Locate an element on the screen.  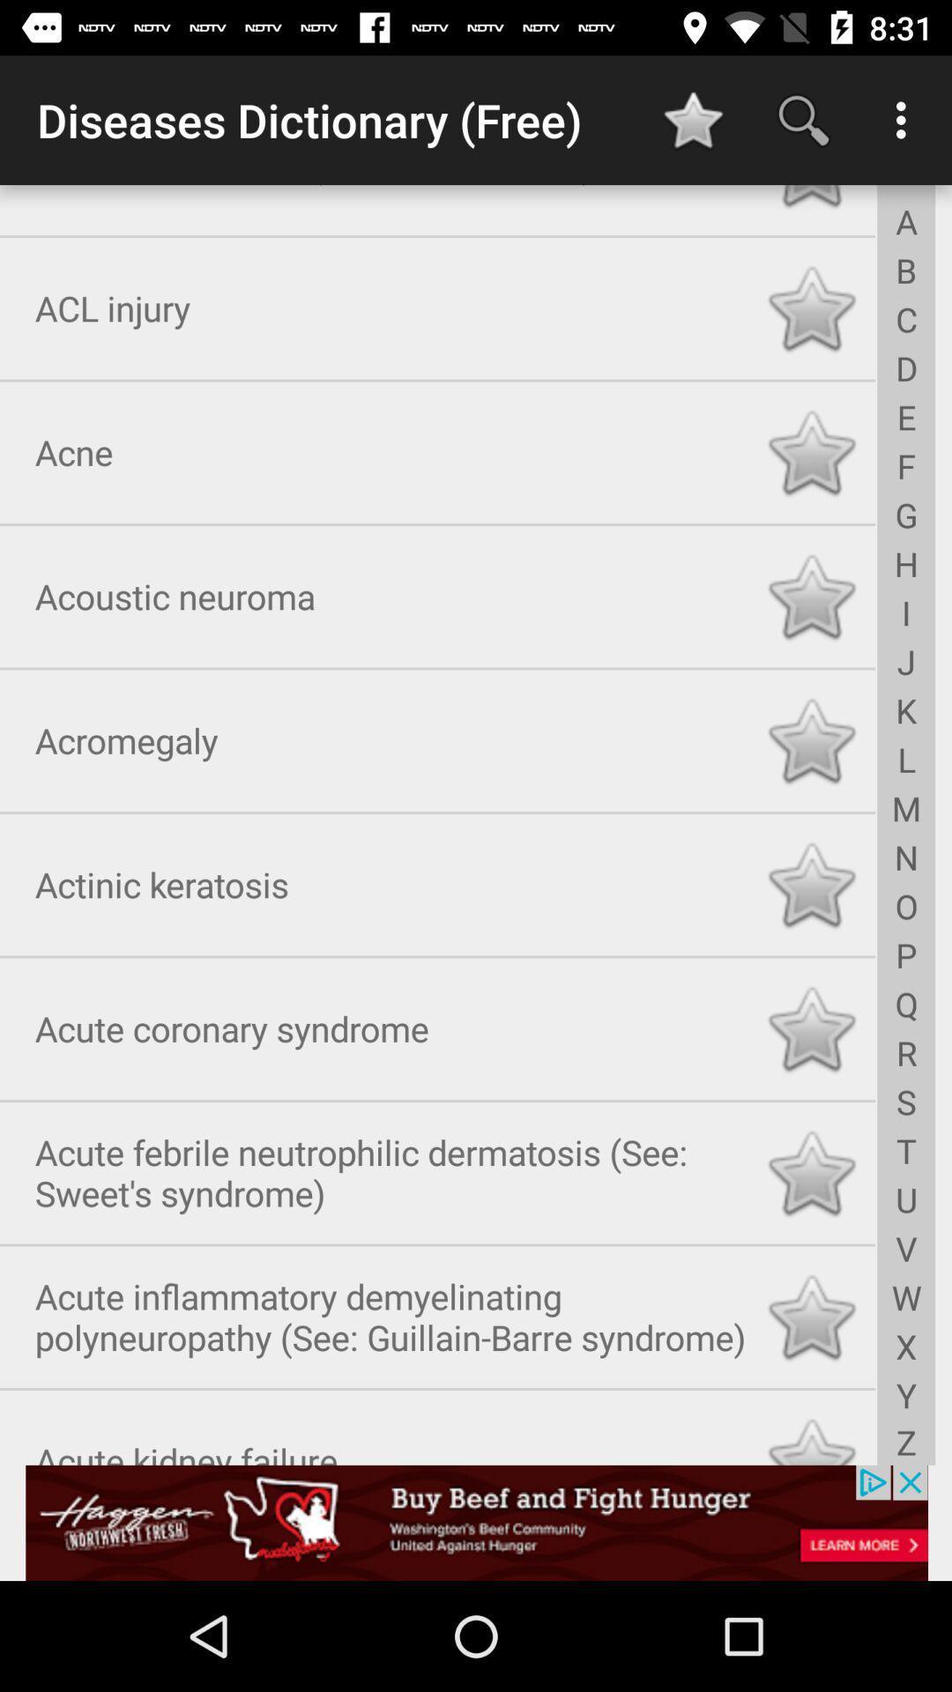
click star to favorite is located at coordinates (811, 737).